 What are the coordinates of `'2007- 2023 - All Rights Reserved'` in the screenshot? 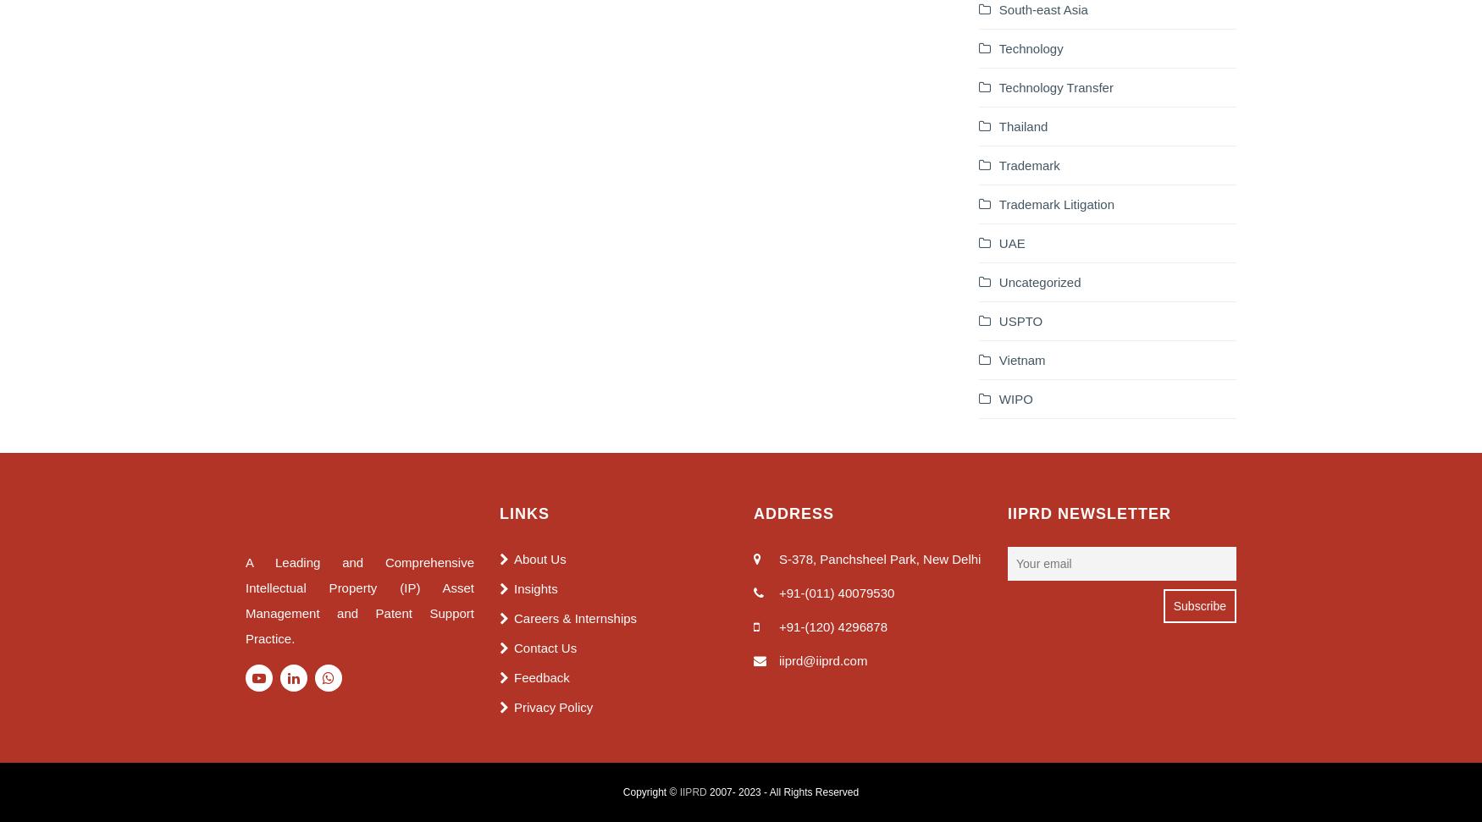 It's located at (782, 790).